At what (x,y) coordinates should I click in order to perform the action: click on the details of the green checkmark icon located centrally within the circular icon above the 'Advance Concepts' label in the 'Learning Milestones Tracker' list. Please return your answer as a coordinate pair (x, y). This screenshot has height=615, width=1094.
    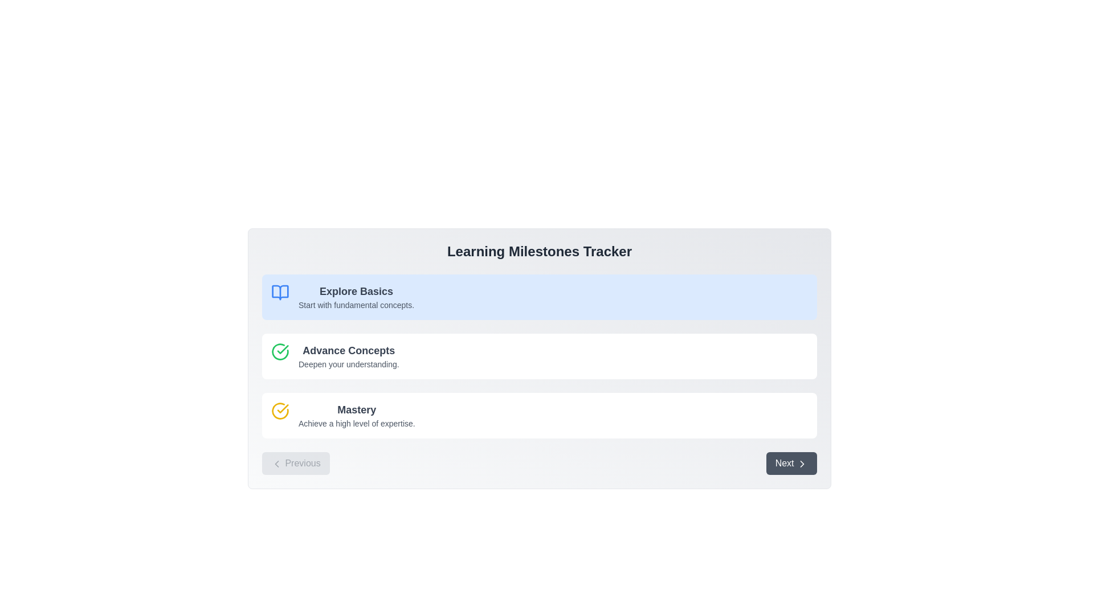
    Looking at the image, I should click on (280, 351).